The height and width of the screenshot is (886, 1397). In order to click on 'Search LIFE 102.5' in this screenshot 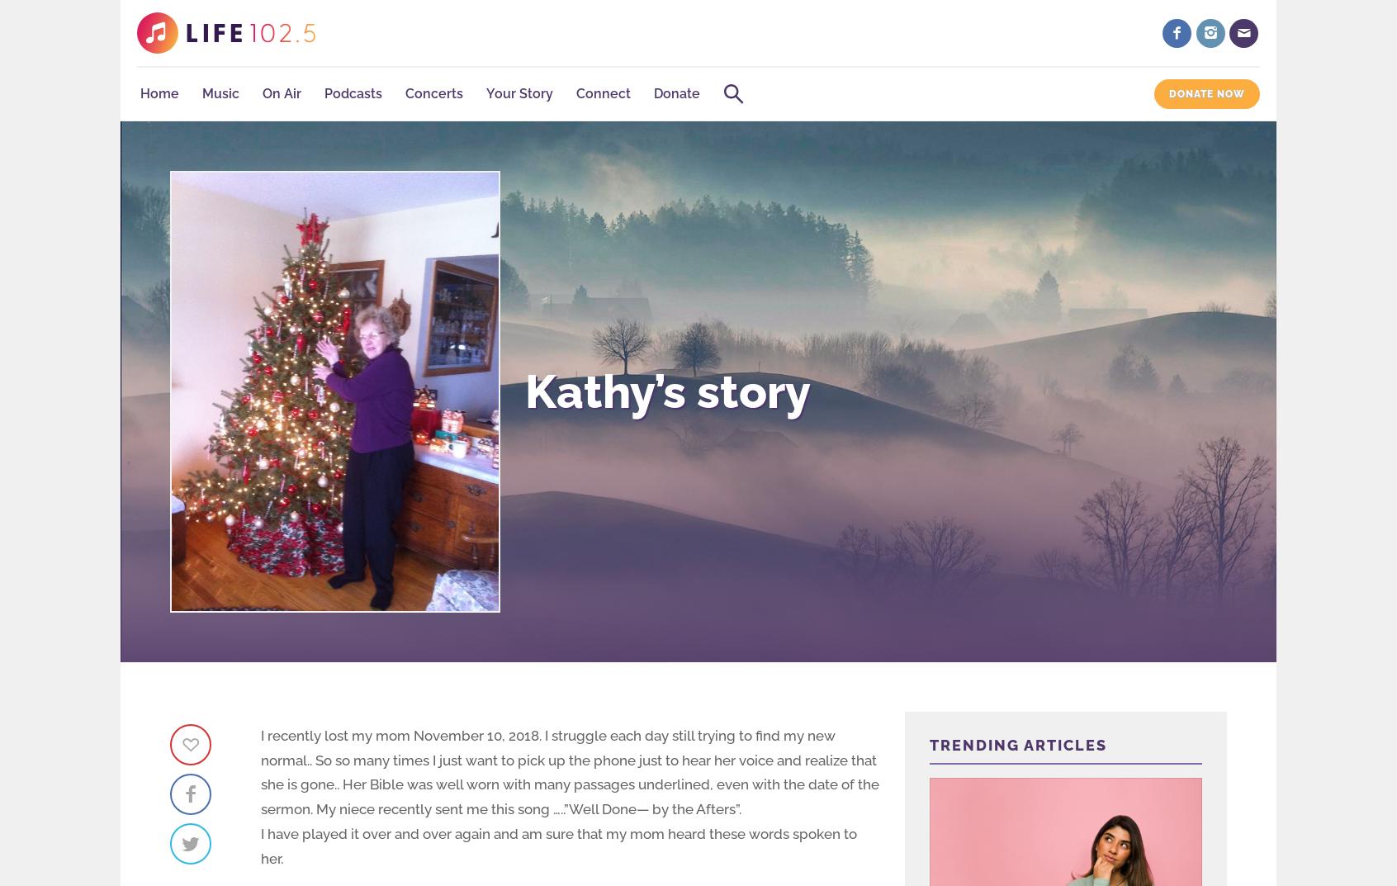, I will do `click(528, 779)`.